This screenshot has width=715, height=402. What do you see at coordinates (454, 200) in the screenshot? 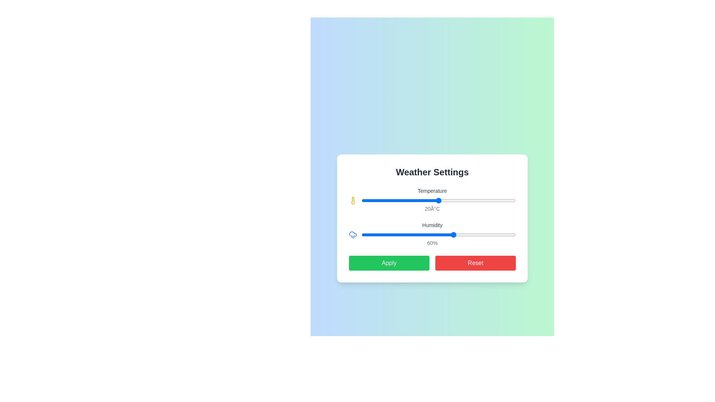
I see `the temperature` at bounding box center [454, 200].